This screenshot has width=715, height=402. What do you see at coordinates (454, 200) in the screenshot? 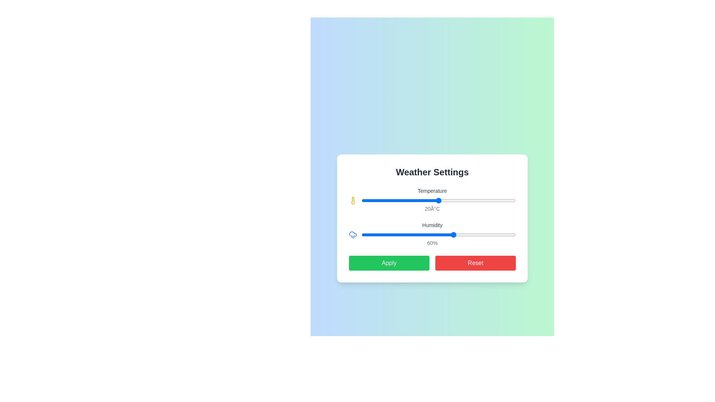
I see `the temperature` at bounding box center [454, 200].